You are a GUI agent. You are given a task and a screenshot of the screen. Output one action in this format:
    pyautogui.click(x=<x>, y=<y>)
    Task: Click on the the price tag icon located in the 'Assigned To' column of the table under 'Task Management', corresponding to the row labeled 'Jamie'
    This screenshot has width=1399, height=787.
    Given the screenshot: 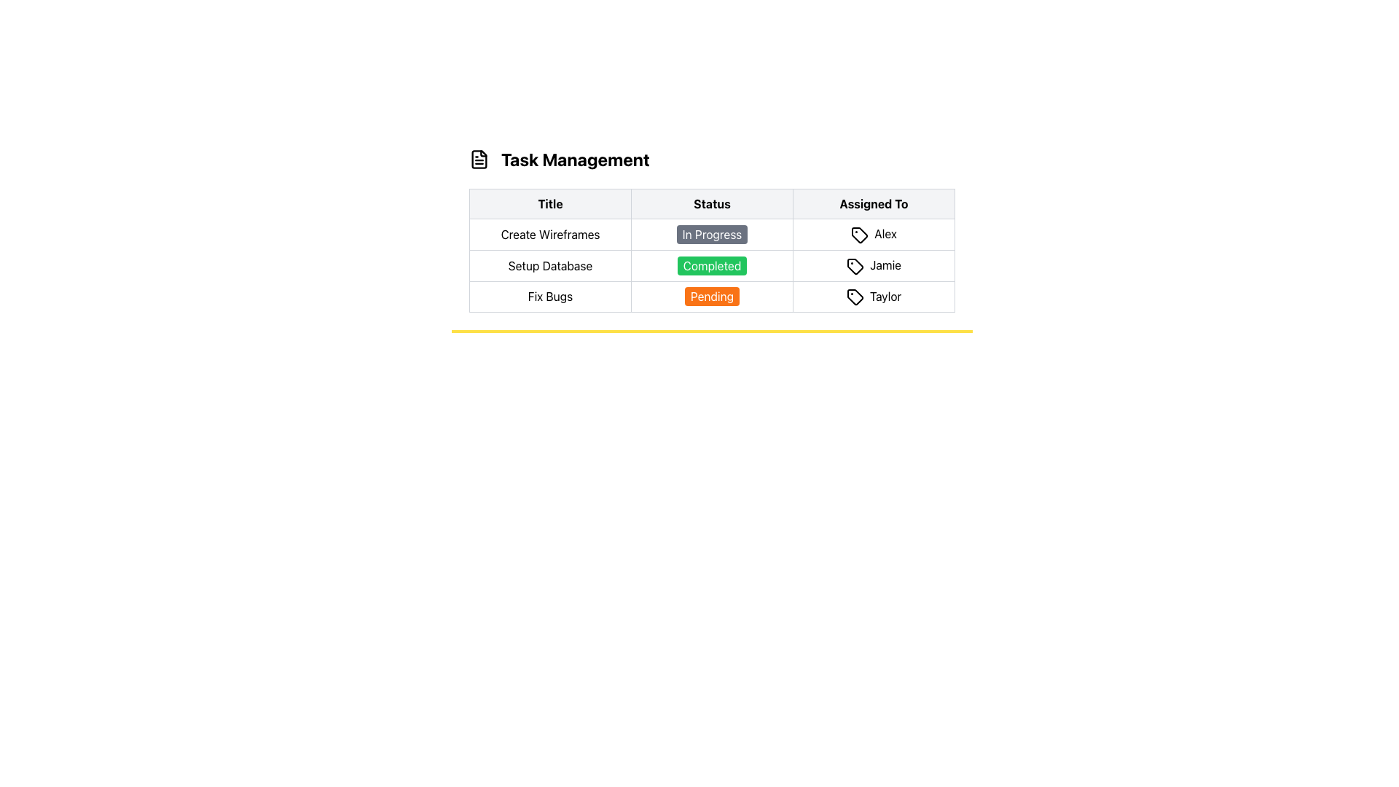 What is the action you would take?
    pyautogui.click(x=855, y=266)
    